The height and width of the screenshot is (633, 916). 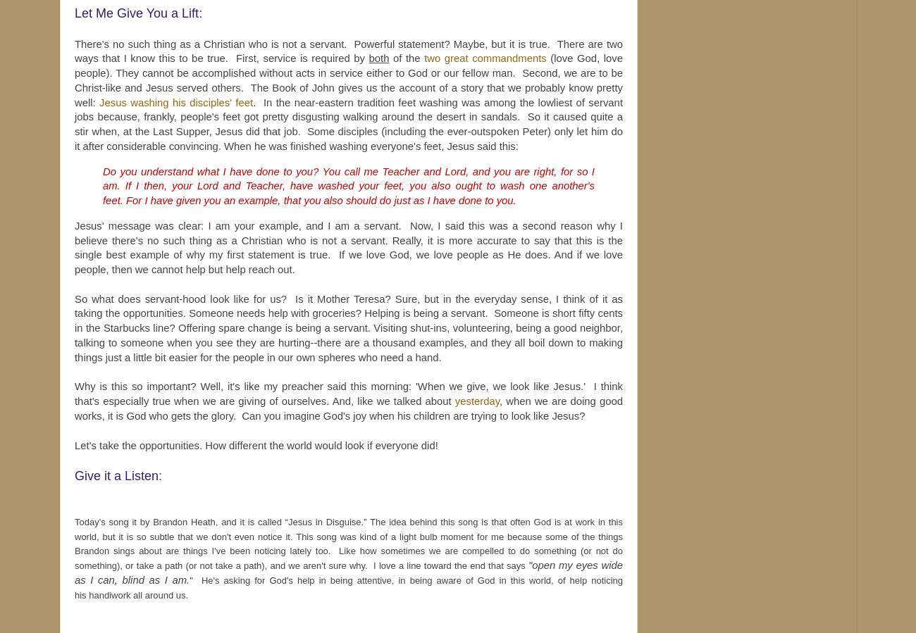 What do you see at coordinates (116, 475) in the screenshot?
I see `'Give it a Listen'` at bounding box center [116, 475].